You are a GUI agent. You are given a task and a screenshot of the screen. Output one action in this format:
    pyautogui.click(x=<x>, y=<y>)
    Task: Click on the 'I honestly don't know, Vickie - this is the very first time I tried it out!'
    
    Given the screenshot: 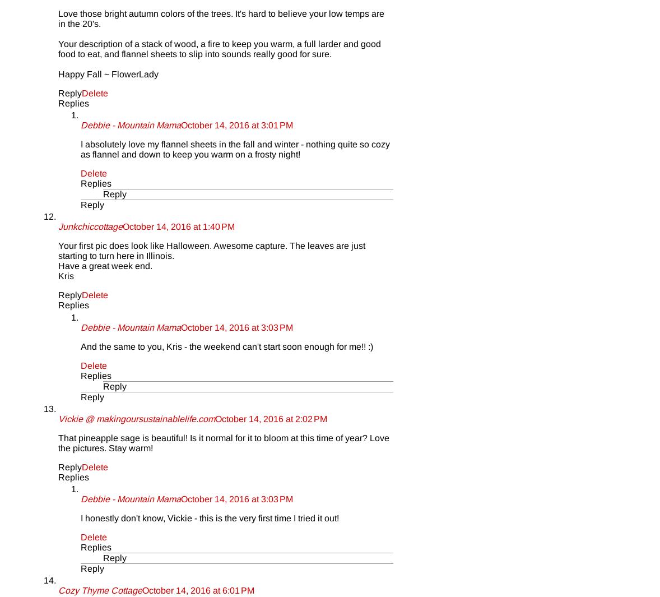 What is the action you would take?
    pyautogui.click(x=210, y=518)
    